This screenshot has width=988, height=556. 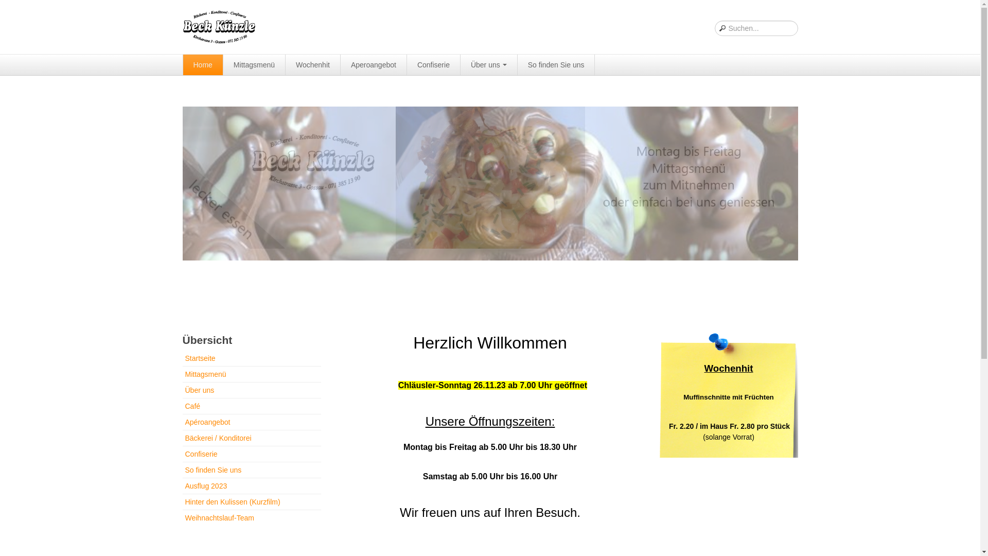 I want to click on 'Confiserie', so click(x=407, y=65).